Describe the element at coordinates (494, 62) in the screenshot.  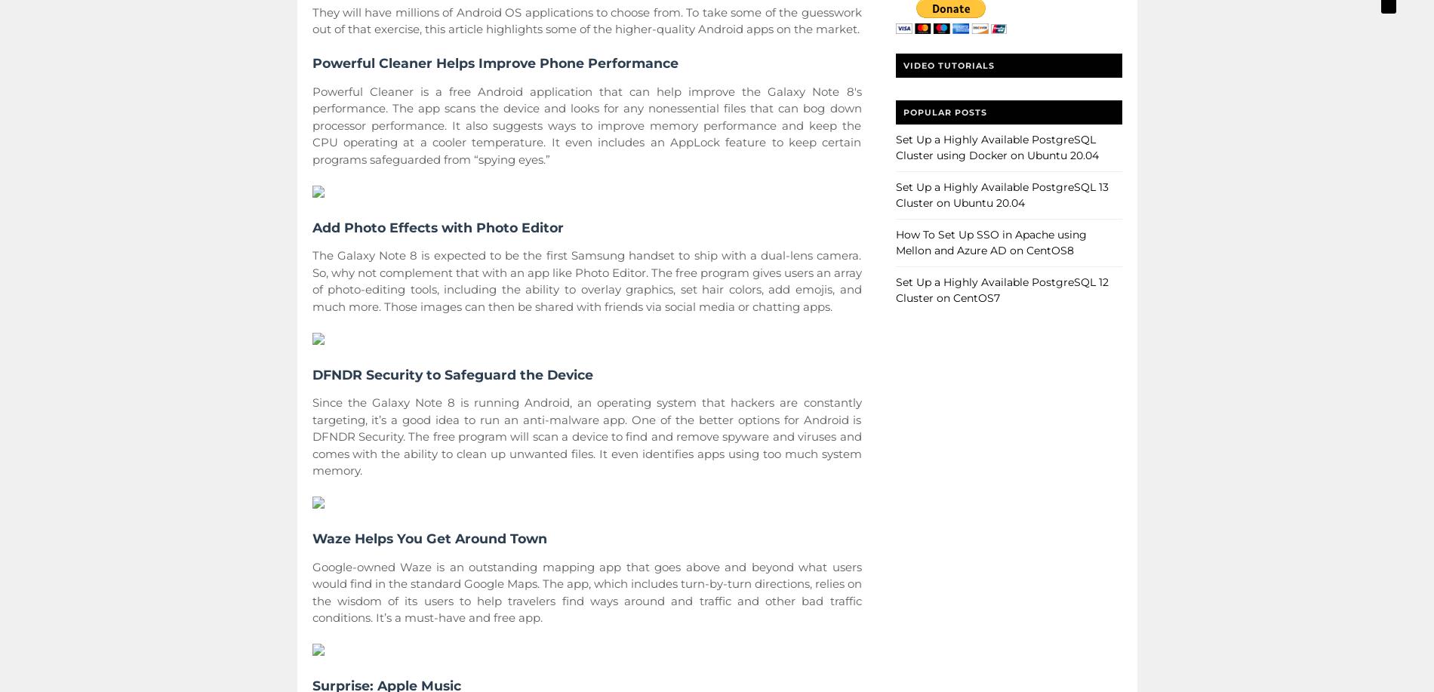
I see `'Powerful Cleaner Helps Improve Phone Performance'` at that location.